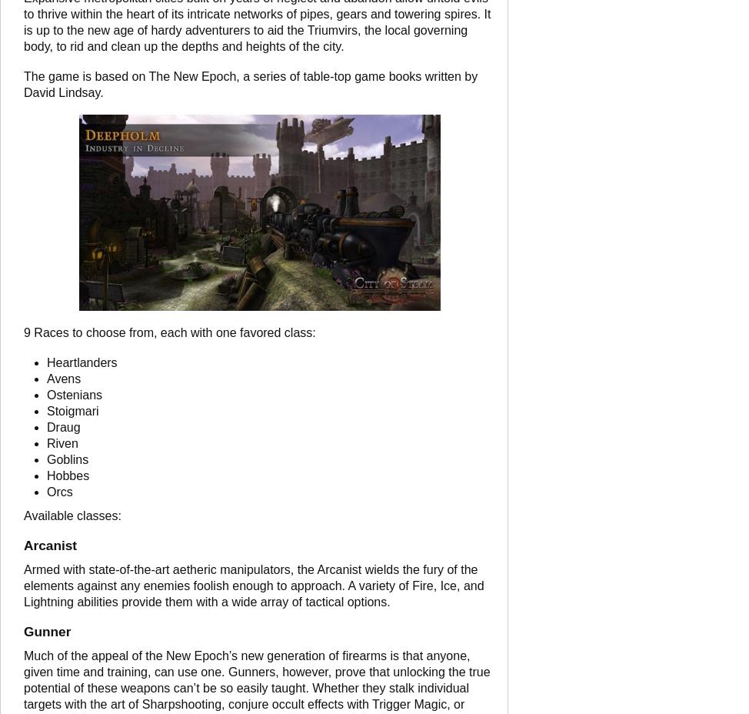  I want to click on 'Stoigmari', so click(72, 410).